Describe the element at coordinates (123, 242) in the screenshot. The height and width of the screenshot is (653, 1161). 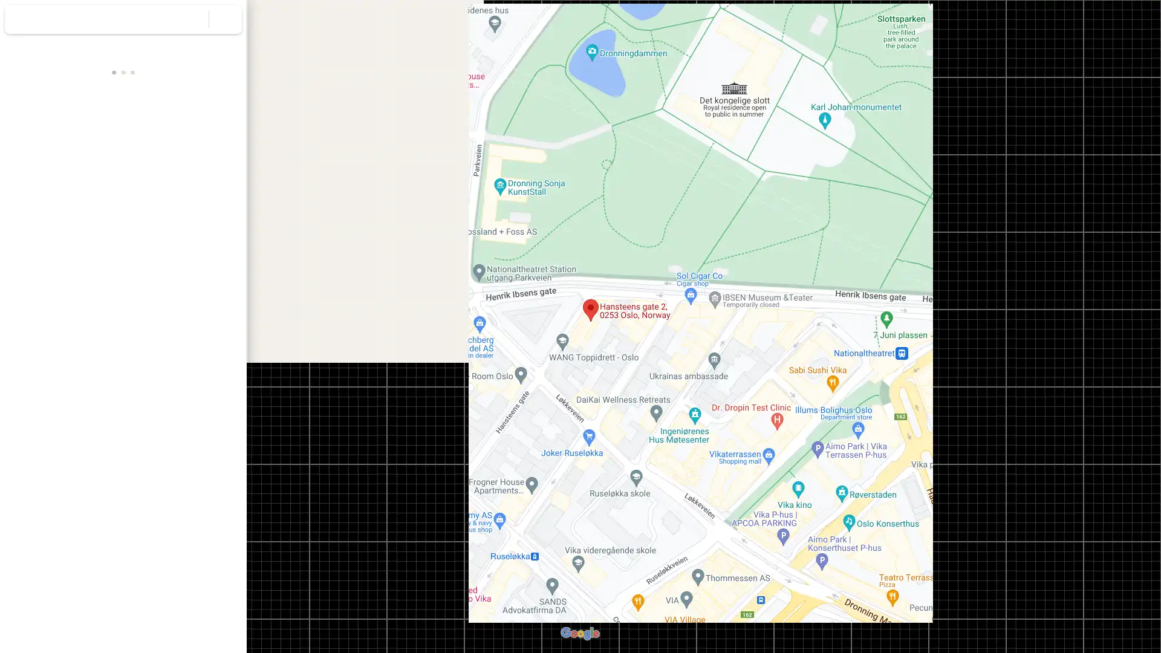
I see `Search nearby Hansteens gate 2` at that location.